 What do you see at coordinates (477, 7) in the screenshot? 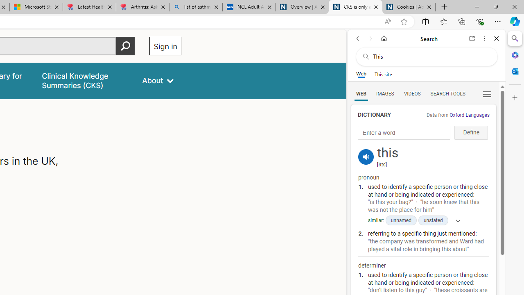
I see `'Minimize'` at bounding box center [477, 7].